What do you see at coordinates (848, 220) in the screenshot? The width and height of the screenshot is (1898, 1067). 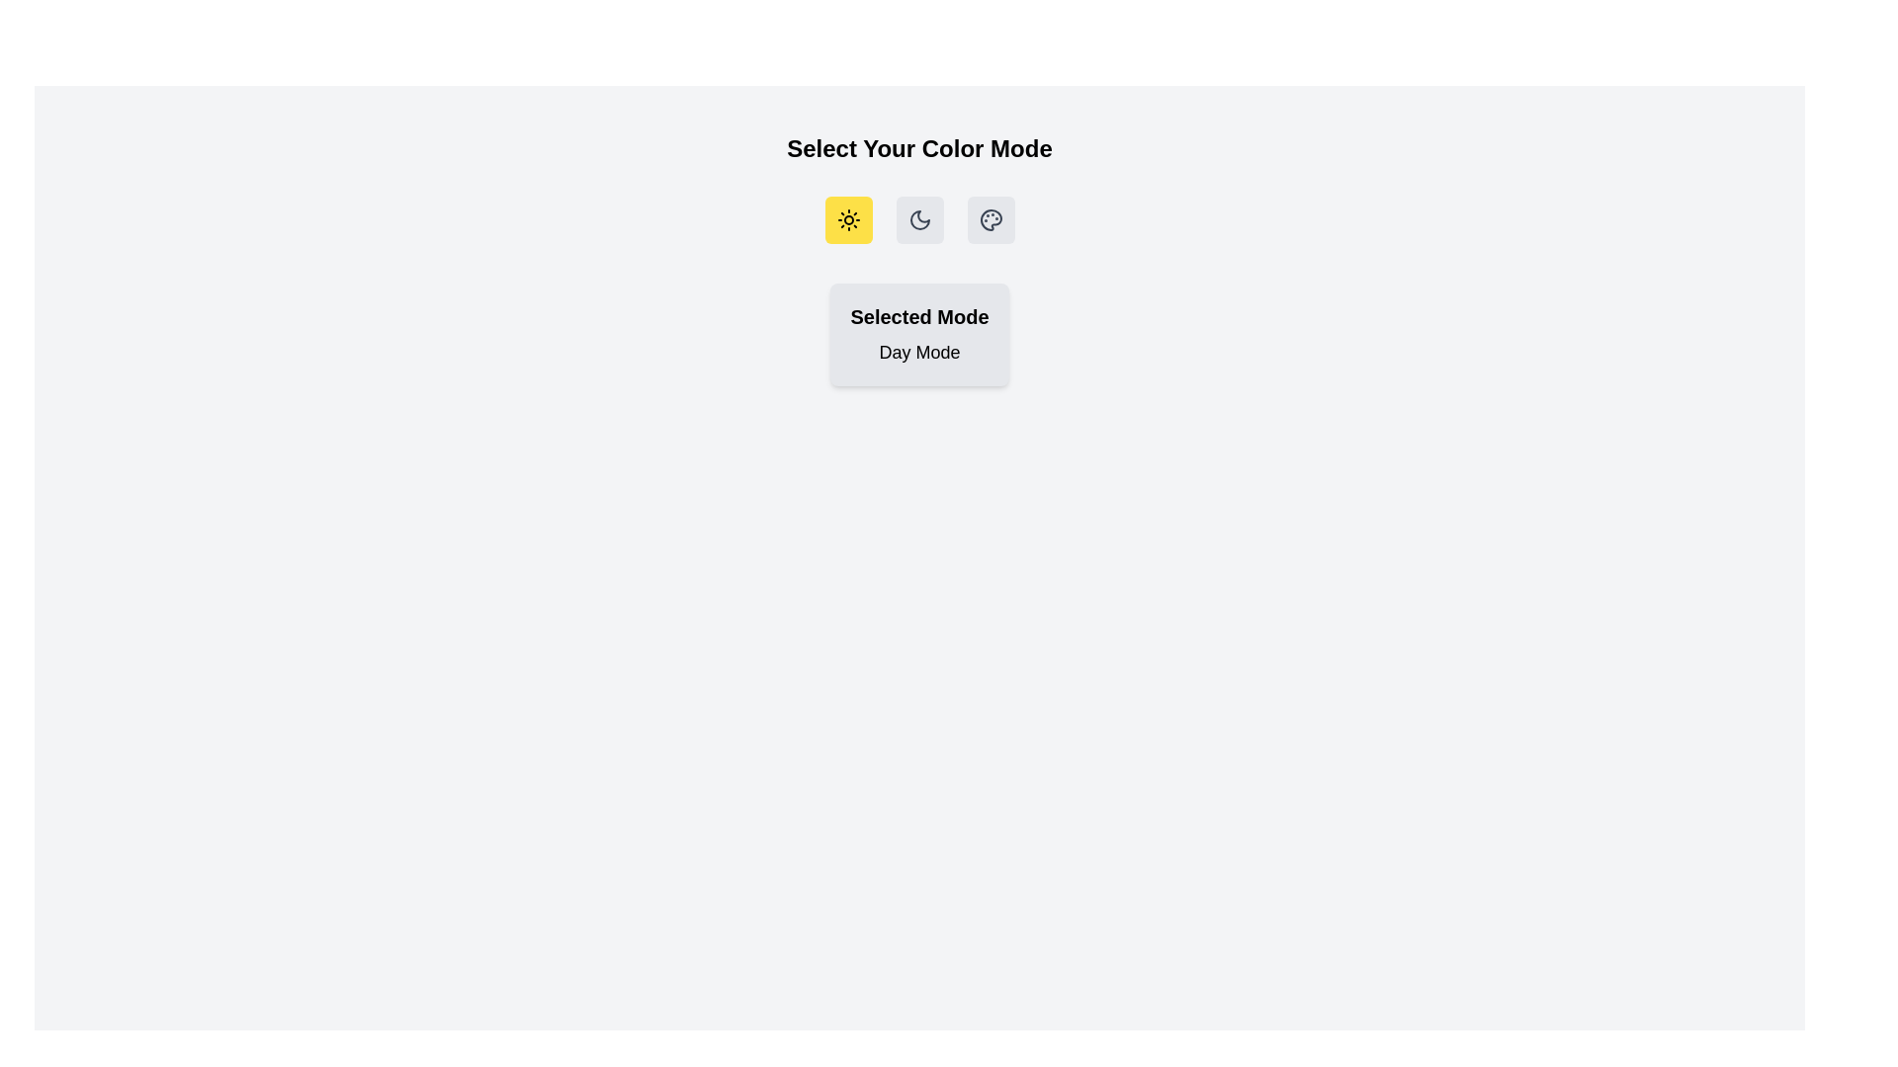 I see `the 'Day Mode' button to select it` at bounding box center [848, 220].